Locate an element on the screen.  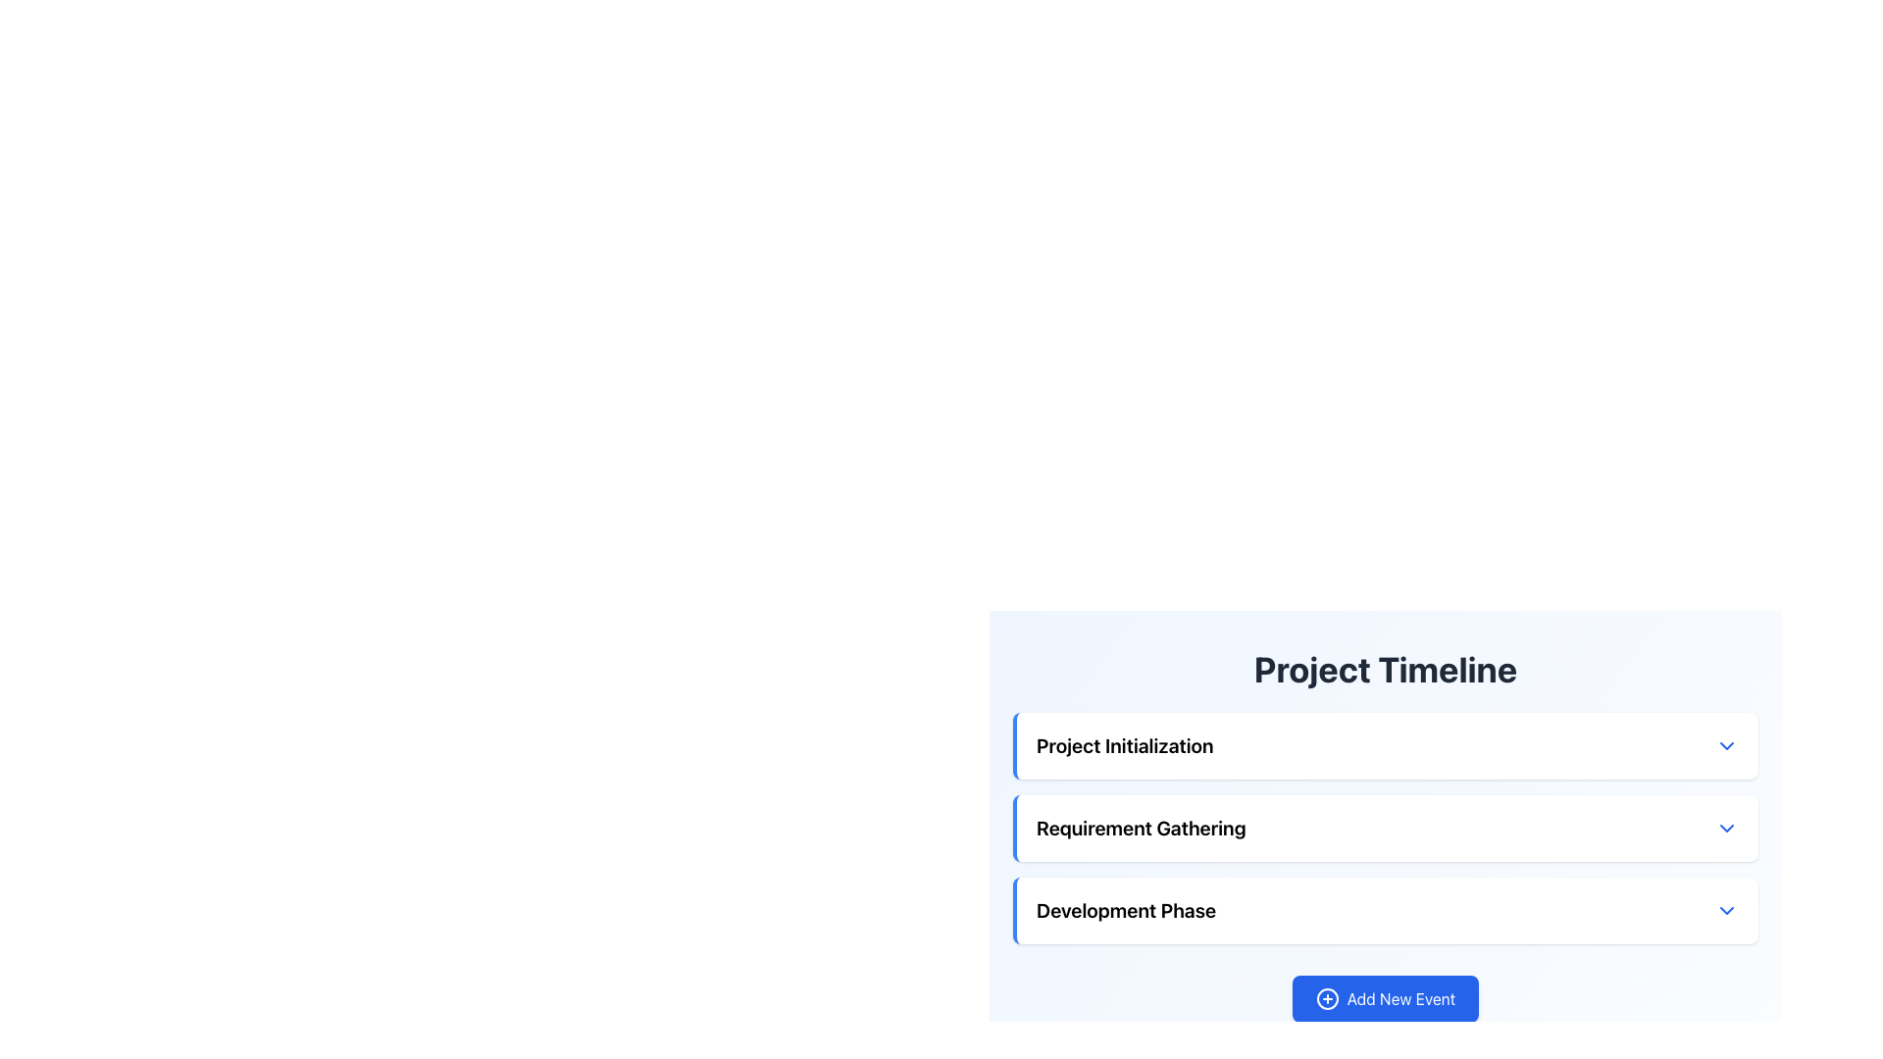
the collapsible item for 'Requirement Gathering' within the 'Project Timeline' is located at coordinates (1384, 804).